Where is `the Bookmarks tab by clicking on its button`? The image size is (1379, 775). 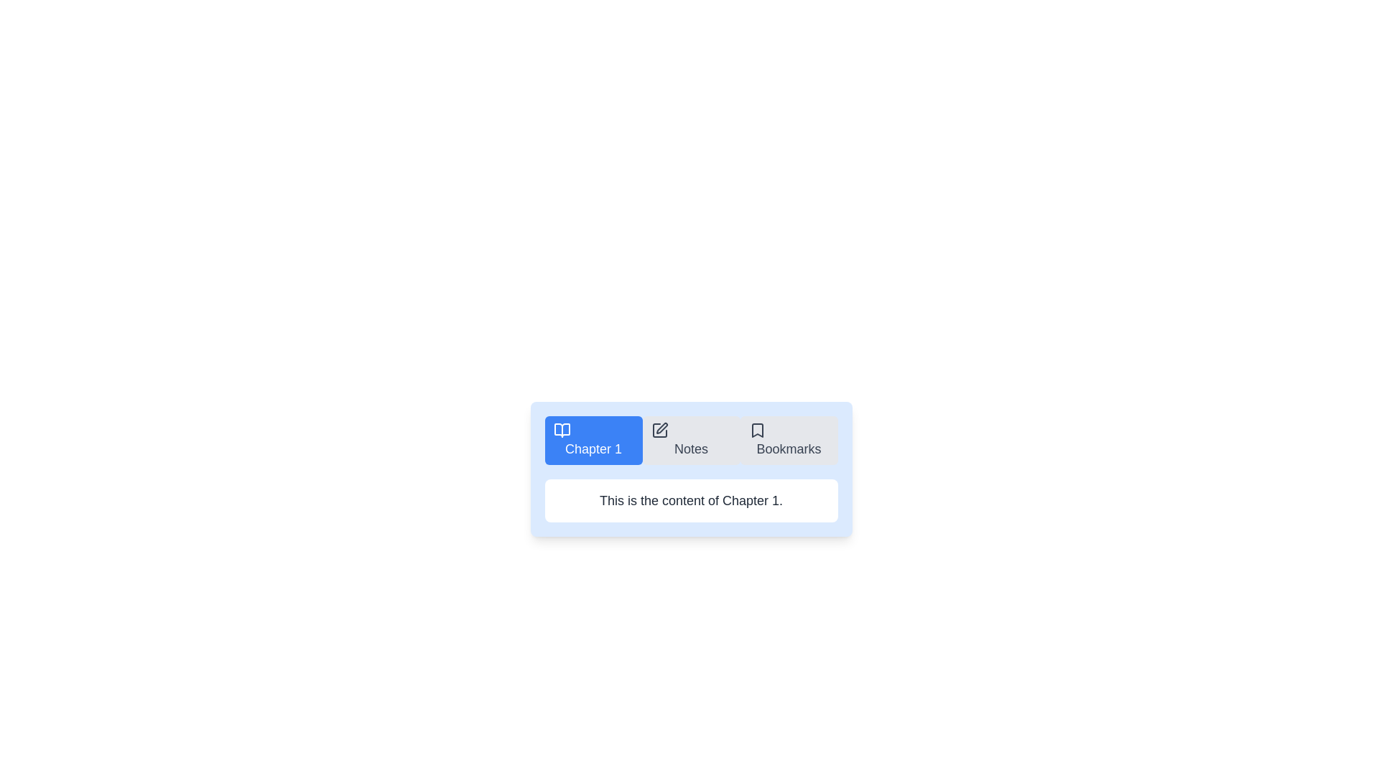
the Bookmarks tab by clicking on its button is located at coordinates (788, 439).